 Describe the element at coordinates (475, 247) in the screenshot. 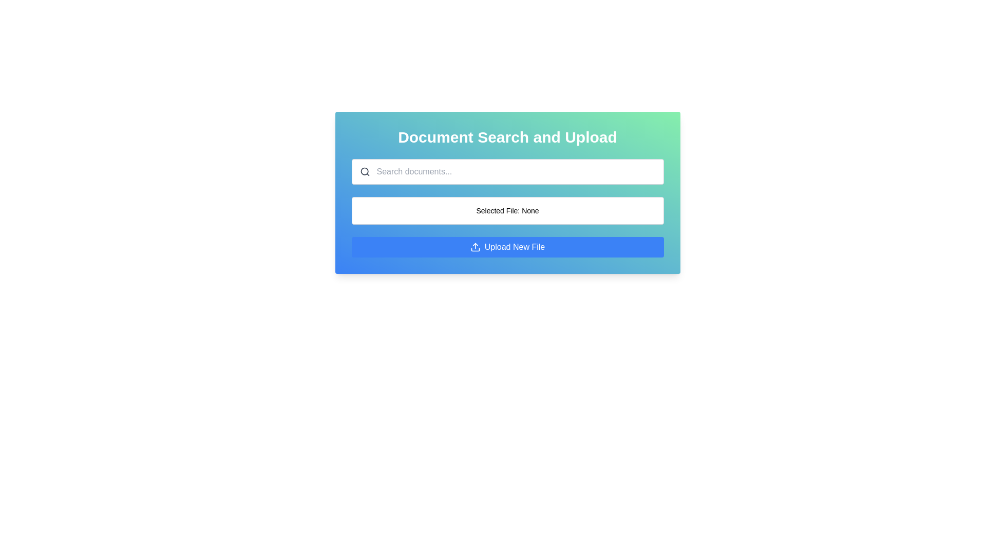

I see `the upload icon located at the center of the 'Upload New File' button, which visually indicates the upload feature` at that location.